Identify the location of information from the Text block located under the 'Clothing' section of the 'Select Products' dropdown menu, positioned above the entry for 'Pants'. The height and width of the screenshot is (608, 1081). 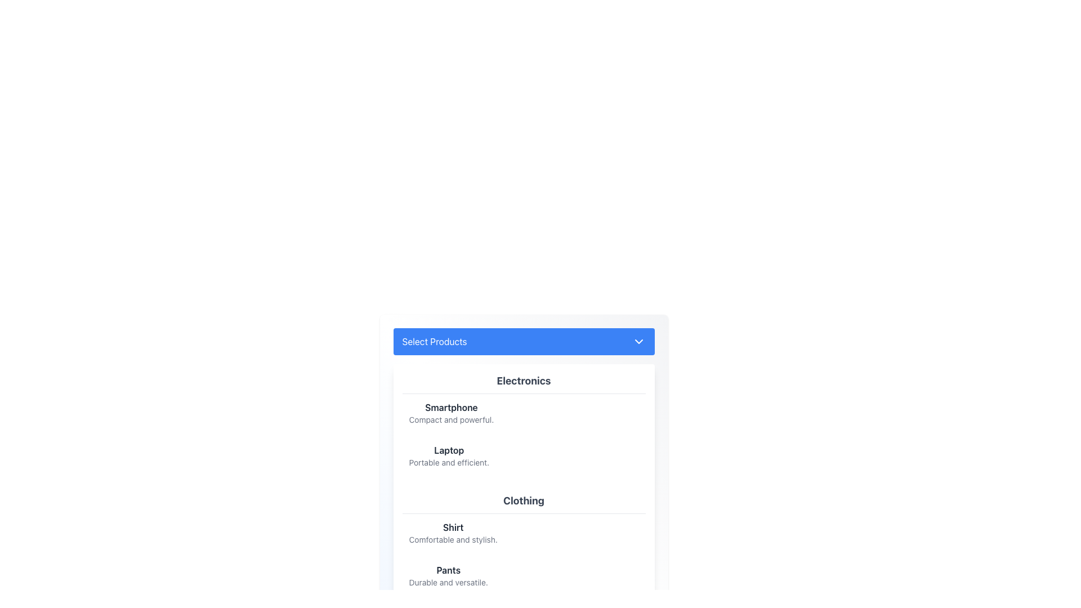
(453, 533).